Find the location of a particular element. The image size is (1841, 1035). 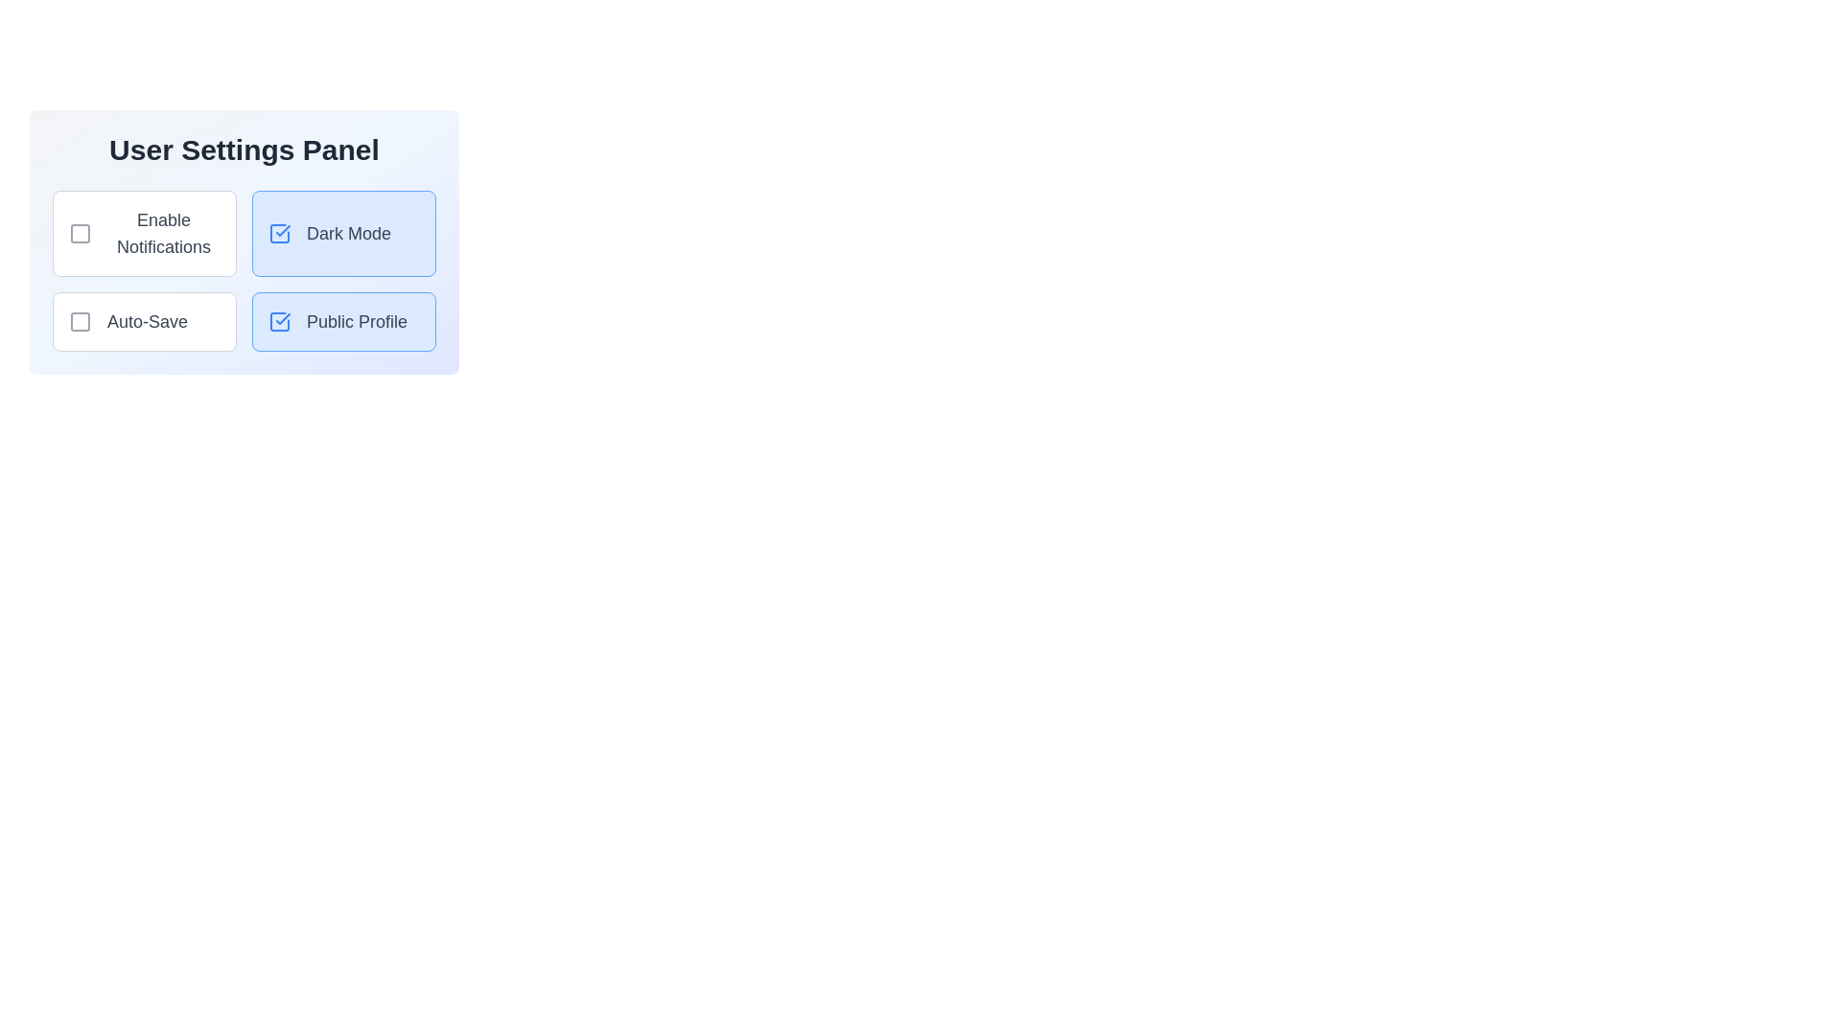

the 'Auto-Save' checkbox element with a grey border and white background is located at coordinates (143, 320).